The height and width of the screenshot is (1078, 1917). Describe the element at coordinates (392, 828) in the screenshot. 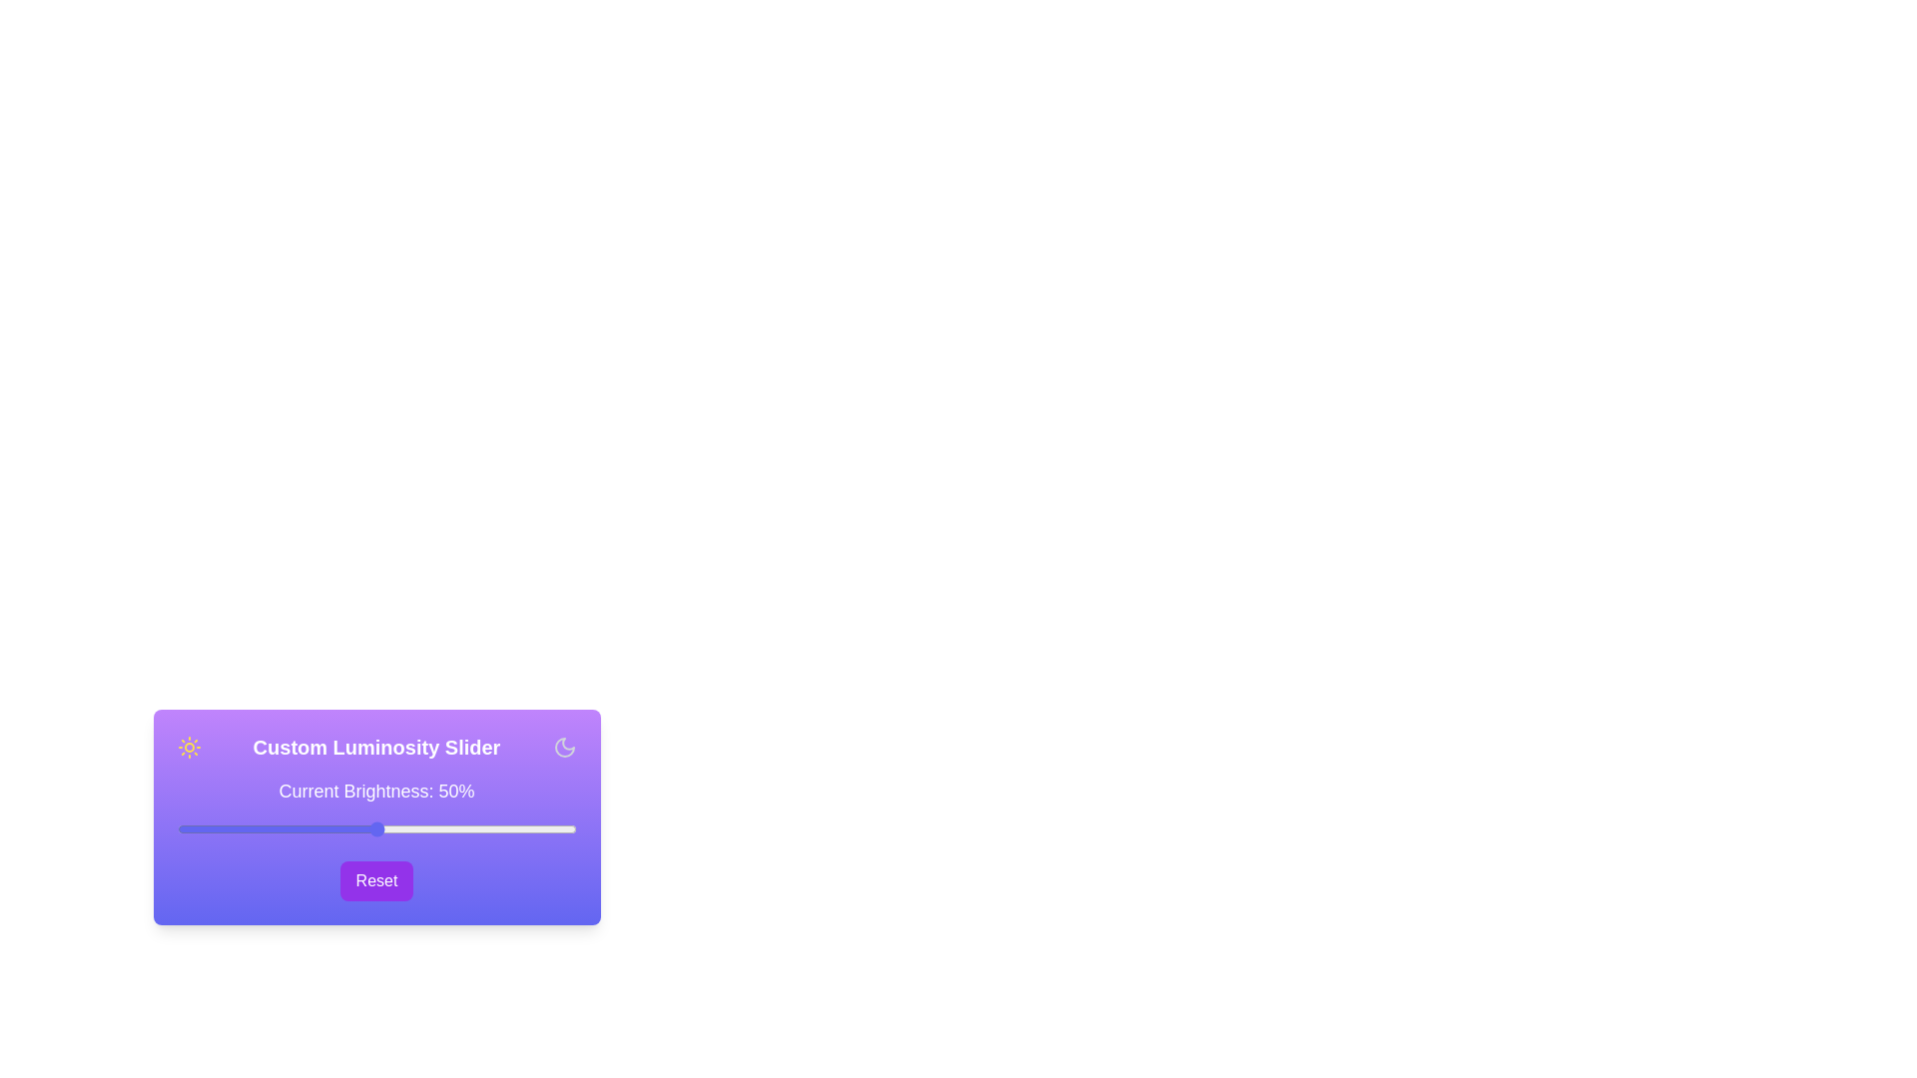

I see `brightness` at that location.